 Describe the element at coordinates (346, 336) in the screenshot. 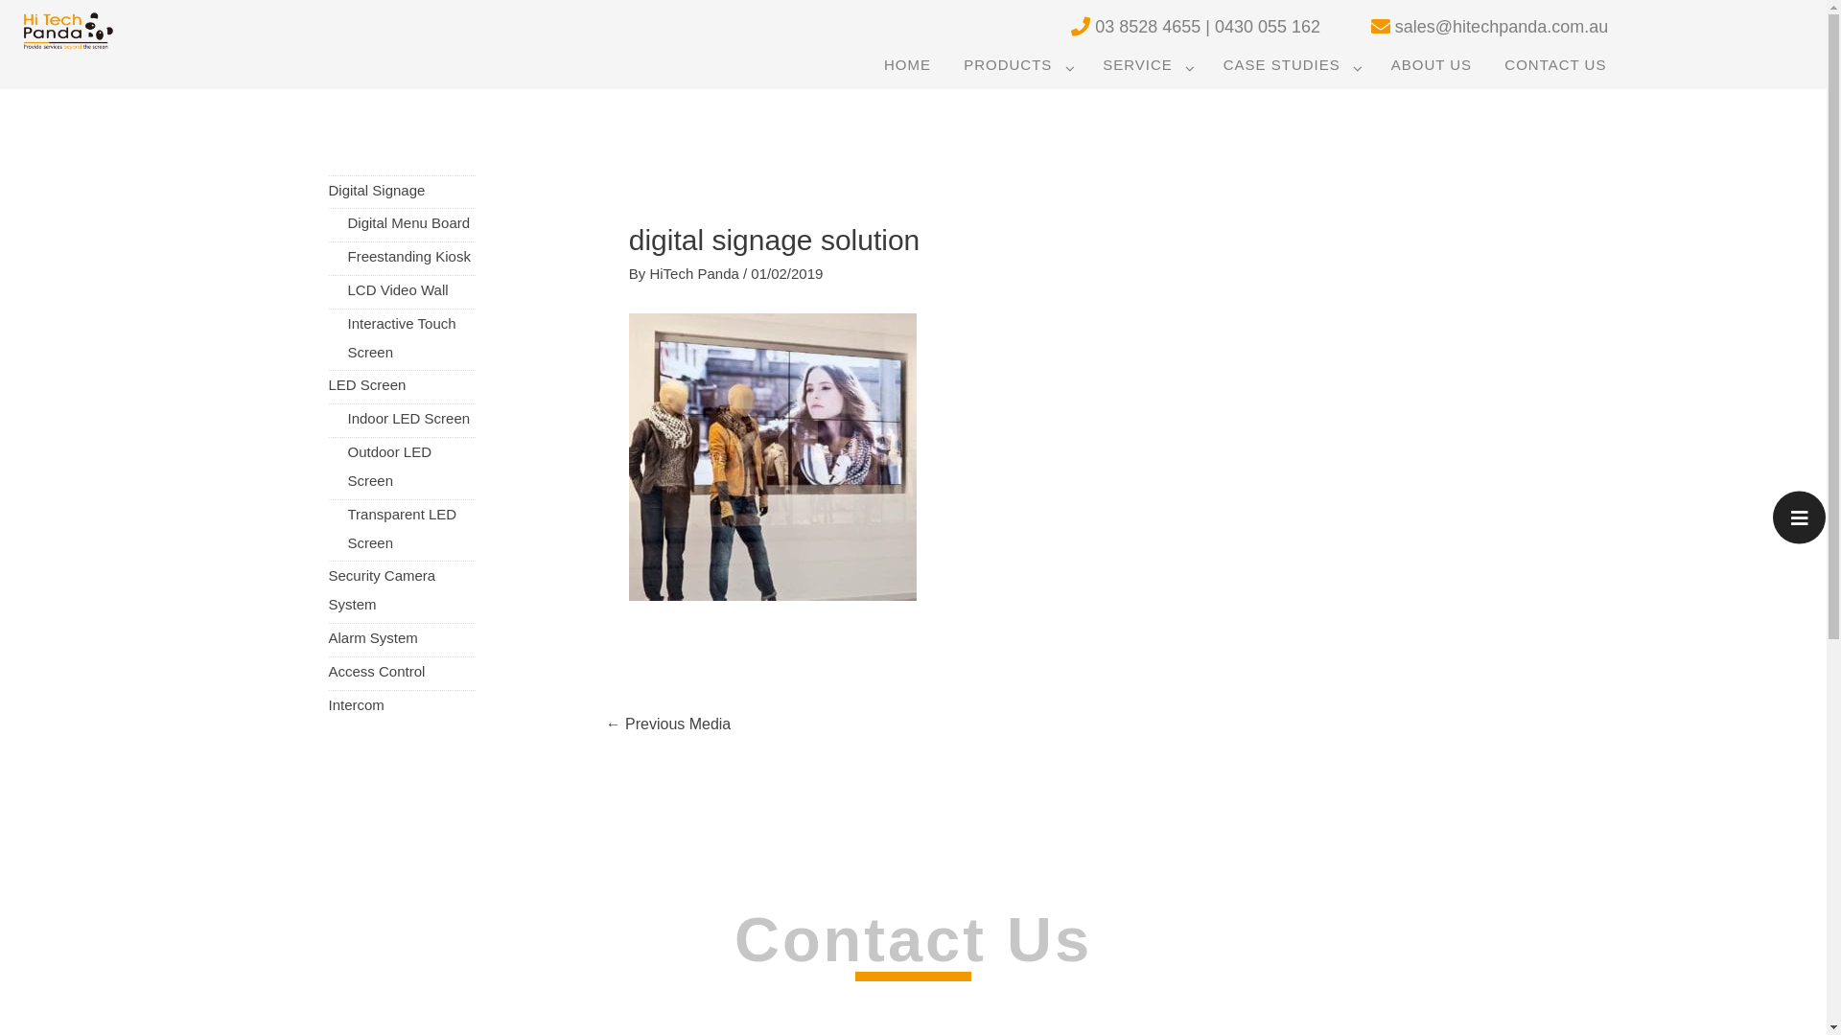

I see `'Interactive Touch Screen'` at that location.